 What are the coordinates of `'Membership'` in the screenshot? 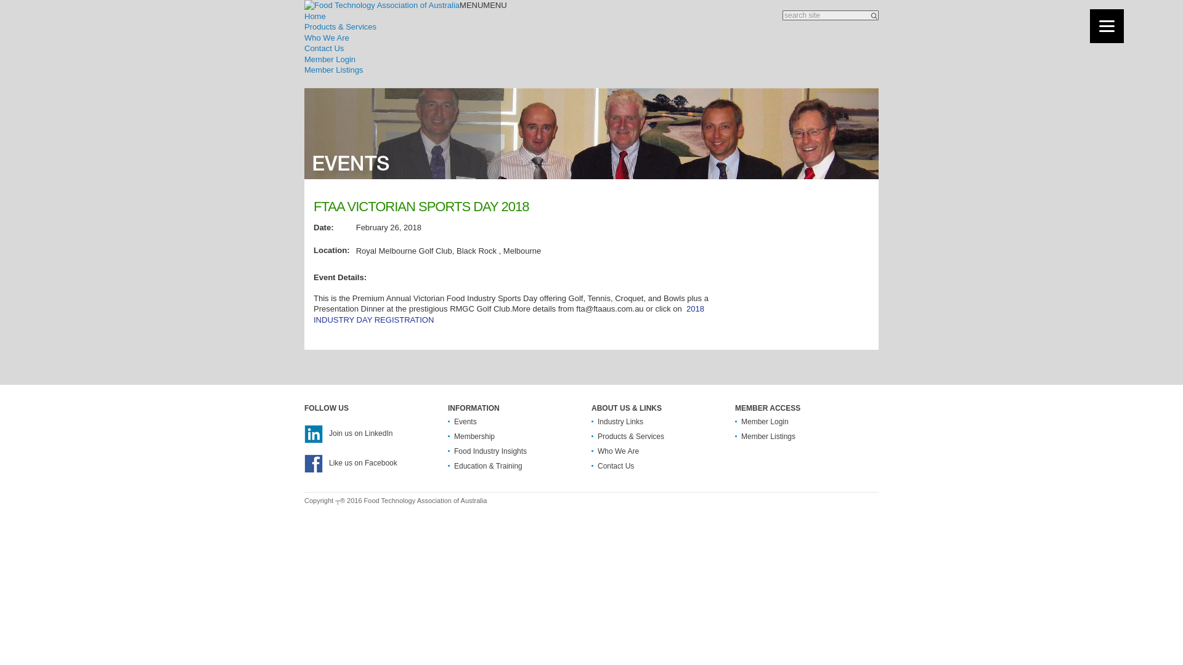 It's located at (473, 436).